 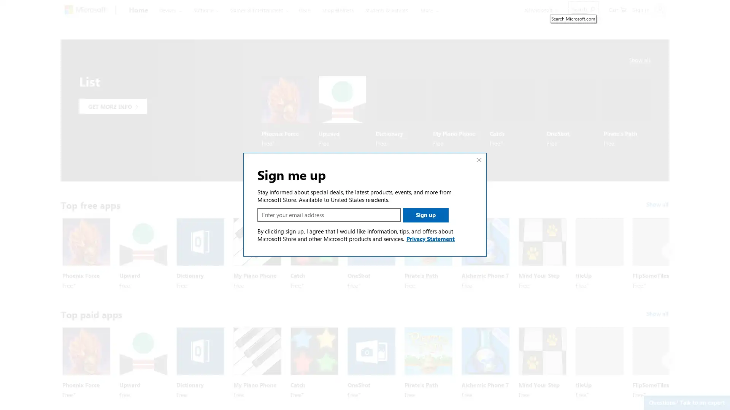 What do you see at coordinates (583, 9) in the screenshot?
I see `Search Microsoft.com` at bounding box center [583, 9].